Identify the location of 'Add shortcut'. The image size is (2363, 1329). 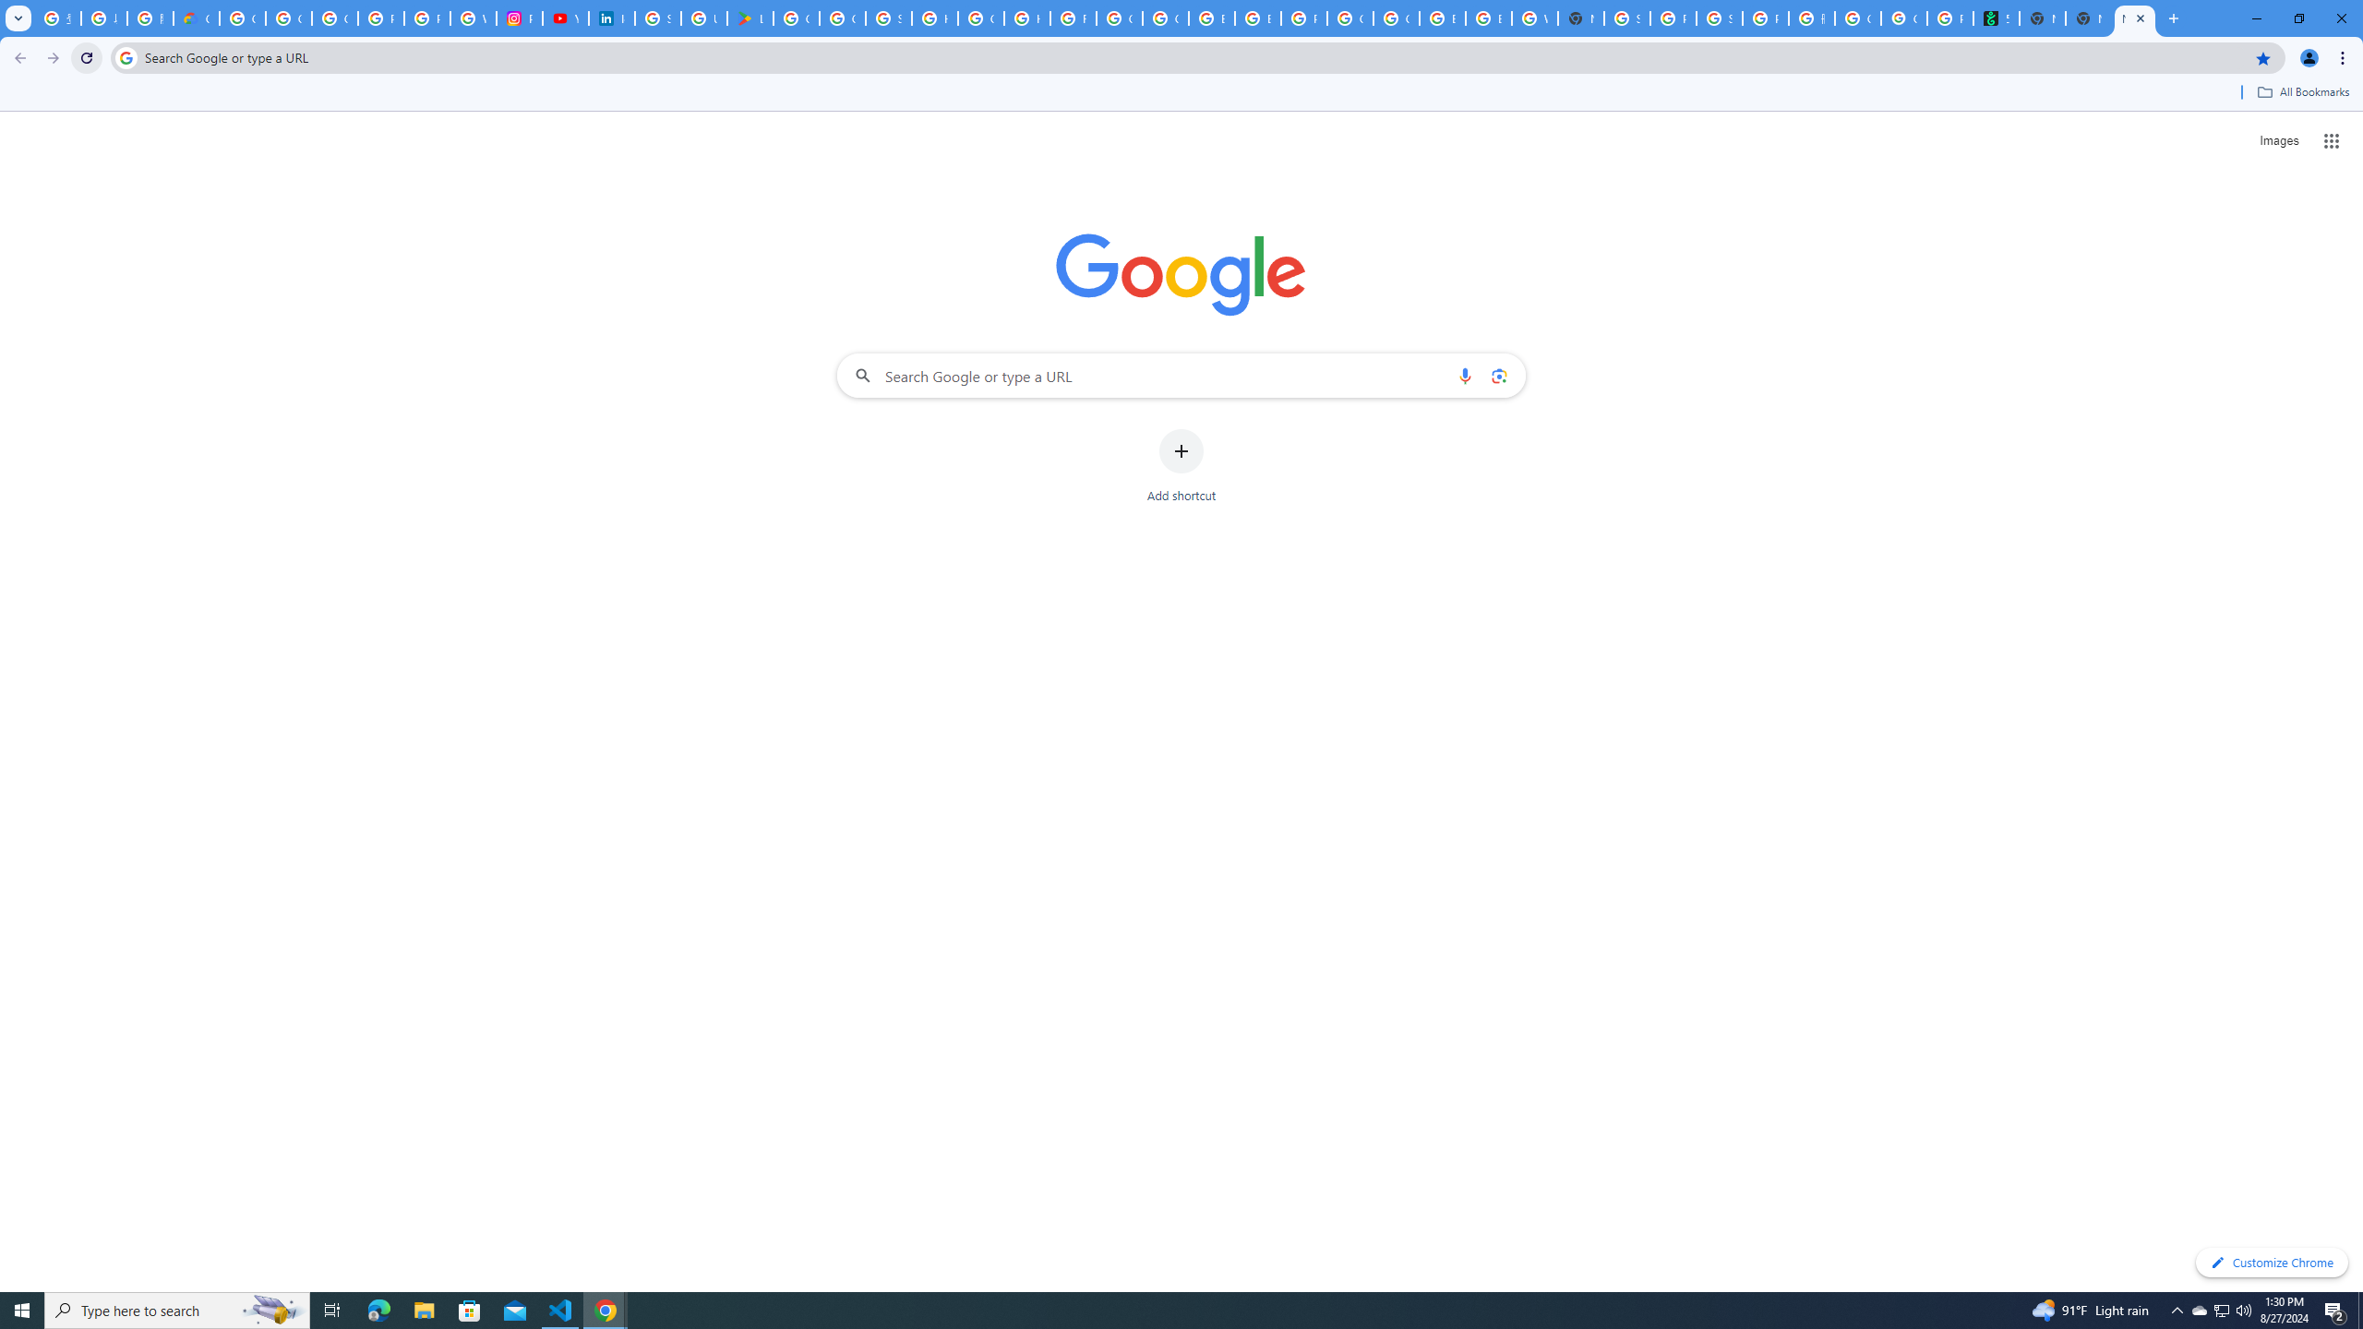
(1181, 466).